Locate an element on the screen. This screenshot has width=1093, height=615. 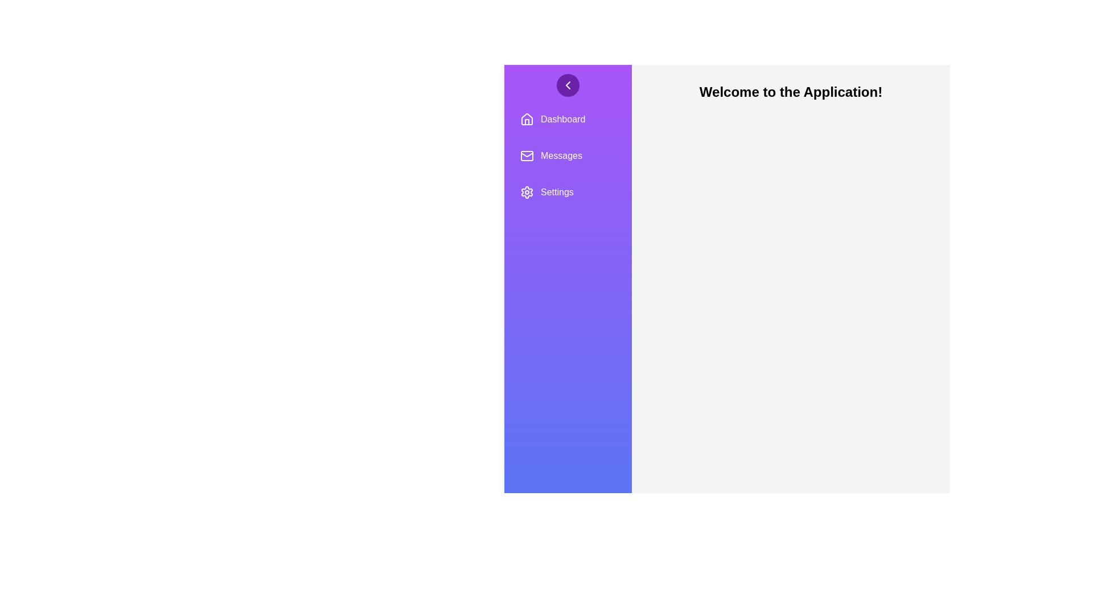
the house icon located at the top-left area of the vertical navigation menu, which features a purple gradient background and includes a triangular roof and square walls is located at coordinates (527, 118).